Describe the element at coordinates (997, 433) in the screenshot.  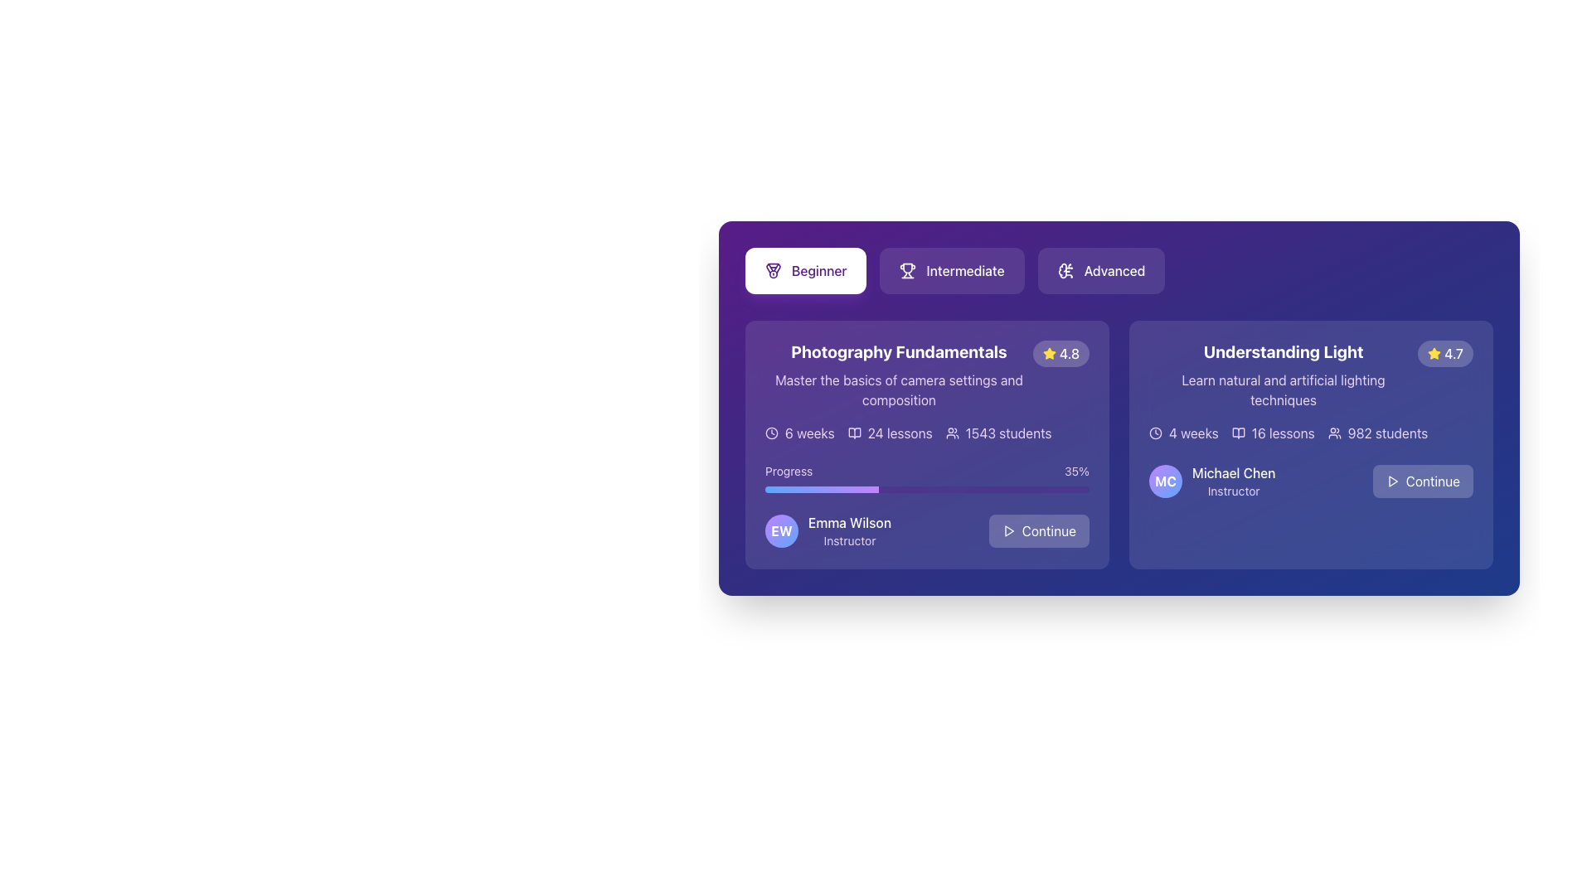
I see `the '1543 students' text element with an accompanying user icon in the bottom-left section of the 'Photography Fundamentals' course card` at that location.